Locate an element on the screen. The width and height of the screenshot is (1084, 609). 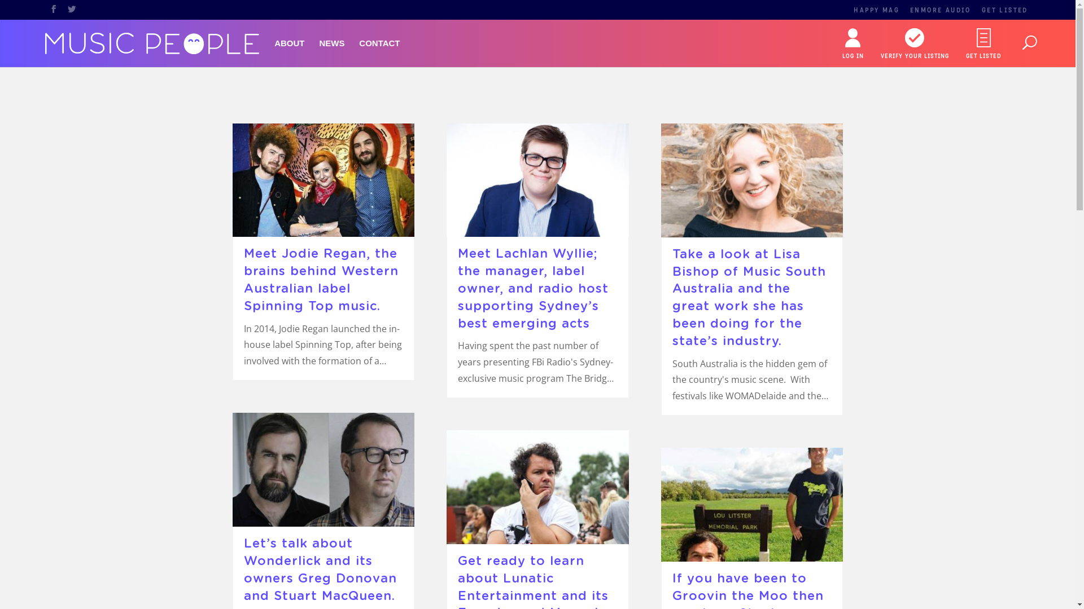
'ENMORE AUDIO' is located at coordinates (940, 10).